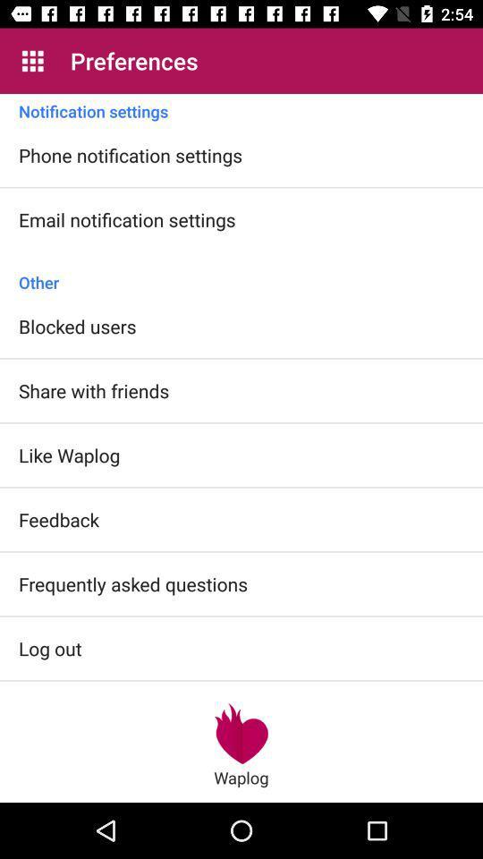 Image resolution: width=483 pixels, height=859 pixels. Describe the element at coordinates (68, 454) in the screenshot. I see `the like waplog icon` at that location.